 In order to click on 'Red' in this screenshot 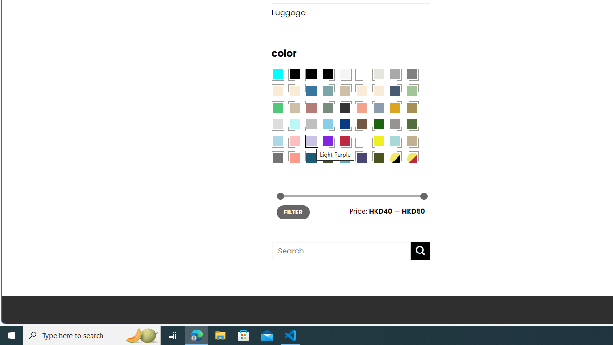, I will do `click(345, 141)`.